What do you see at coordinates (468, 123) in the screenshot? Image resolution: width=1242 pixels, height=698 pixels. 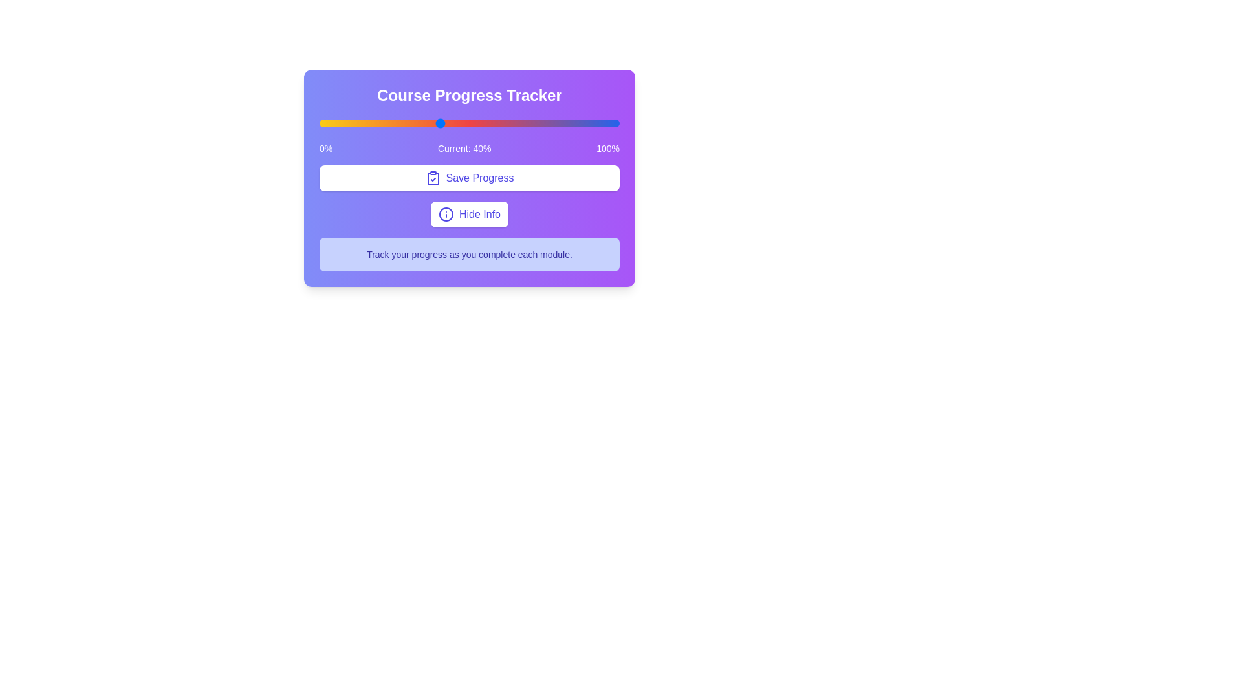 I see `the blue knob of the horizontal range slider located at the top of the 'Course Progress Tracker' panel` at bounding box center [468, 123].